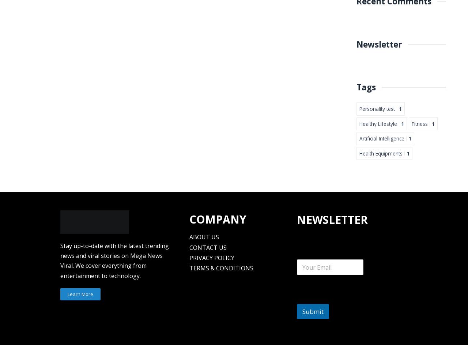 Image resolution: width=468 pixels, height=345 pixels. Describe the element at coordinates (211, 257) in the screenshot. I see `'PRIVACY POLICY'` at that location.